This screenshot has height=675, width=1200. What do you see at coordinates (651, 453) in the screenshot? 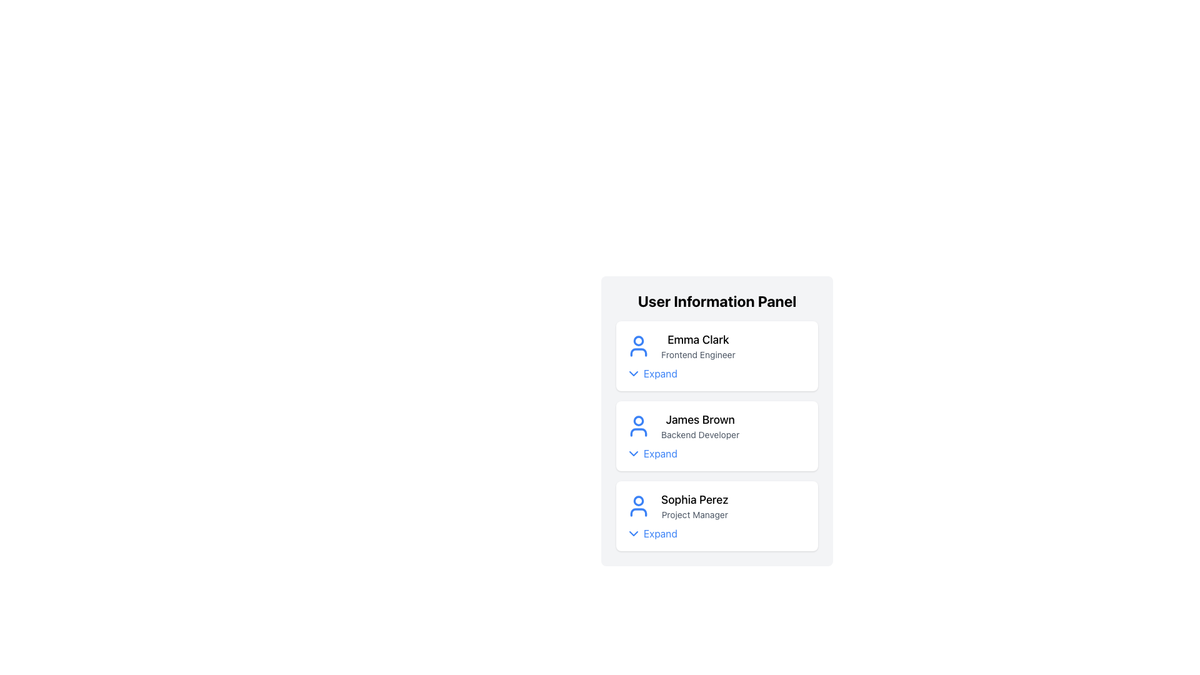
I see `the blue 'Expand' button with a downward-facing arrow icon located beneath the name 'James Brown' and job title 'Backend Developer' in the second user card of the User Information Panel` at bounding box center [651, 453].